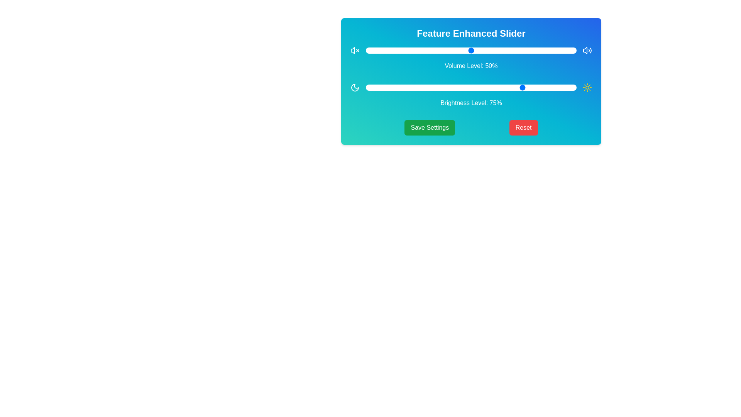 Image resolution: width=741 pixels, height=417 pixels. What do you see at coordinates (557, 51) in the screenshot?
I see `the slider value` at bounding box center [557, 51].